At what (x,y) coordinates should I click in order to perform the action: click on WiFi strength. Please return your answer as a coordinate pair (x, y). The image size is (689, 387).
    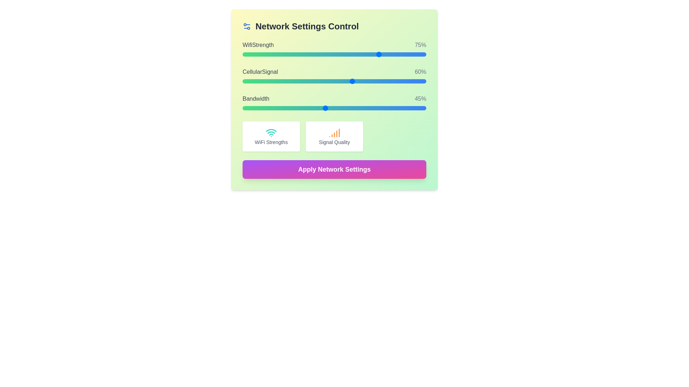
    Looking at the image, I should click on (255, 54).